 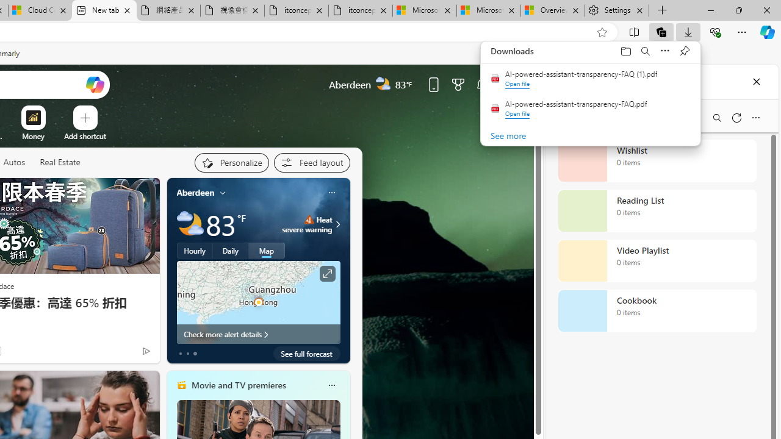 What do you see at coordinates (657, 310) in the screenshot?
I see `'Cookbook collection, 0 items'` at bounding box center [657, 310].